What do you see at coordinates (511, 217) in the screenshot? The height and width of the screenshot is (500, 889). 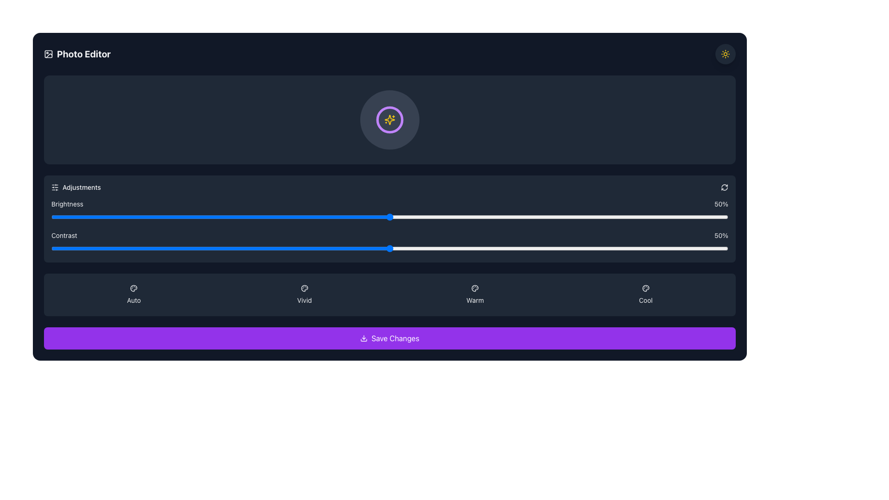 I see `brightness` at bounding box center [511, 217].